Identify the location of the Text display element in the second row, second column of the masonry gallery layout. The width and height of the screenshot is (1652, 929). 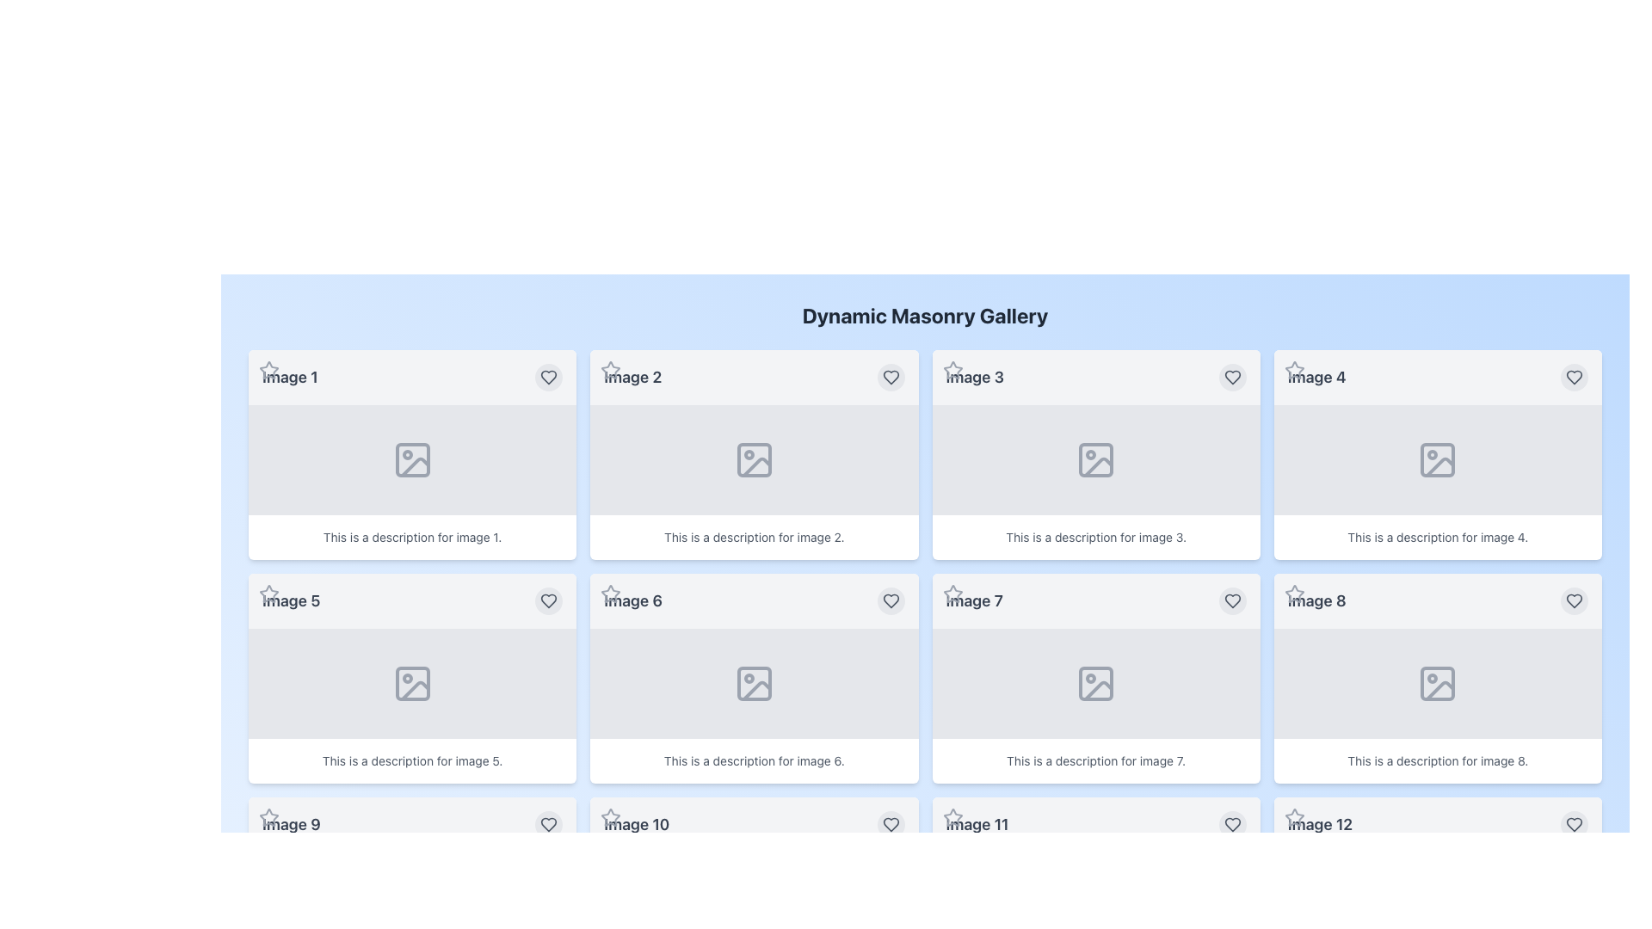
(632, 600).